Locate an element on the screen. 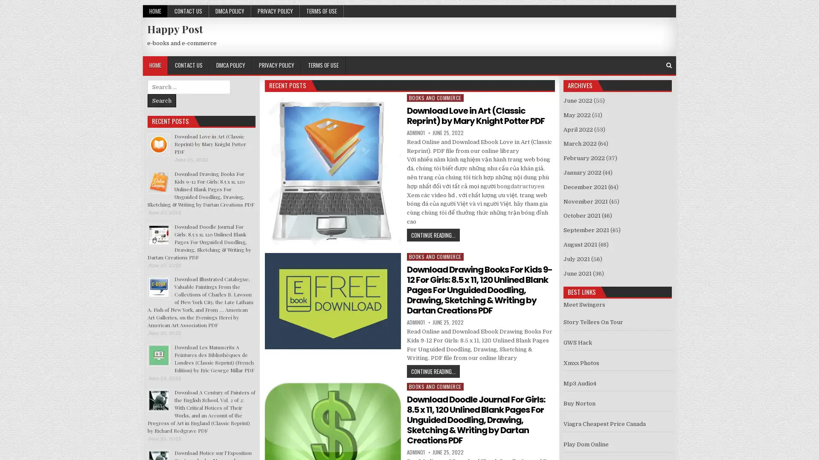  Search is located at coordinates (161, 100).